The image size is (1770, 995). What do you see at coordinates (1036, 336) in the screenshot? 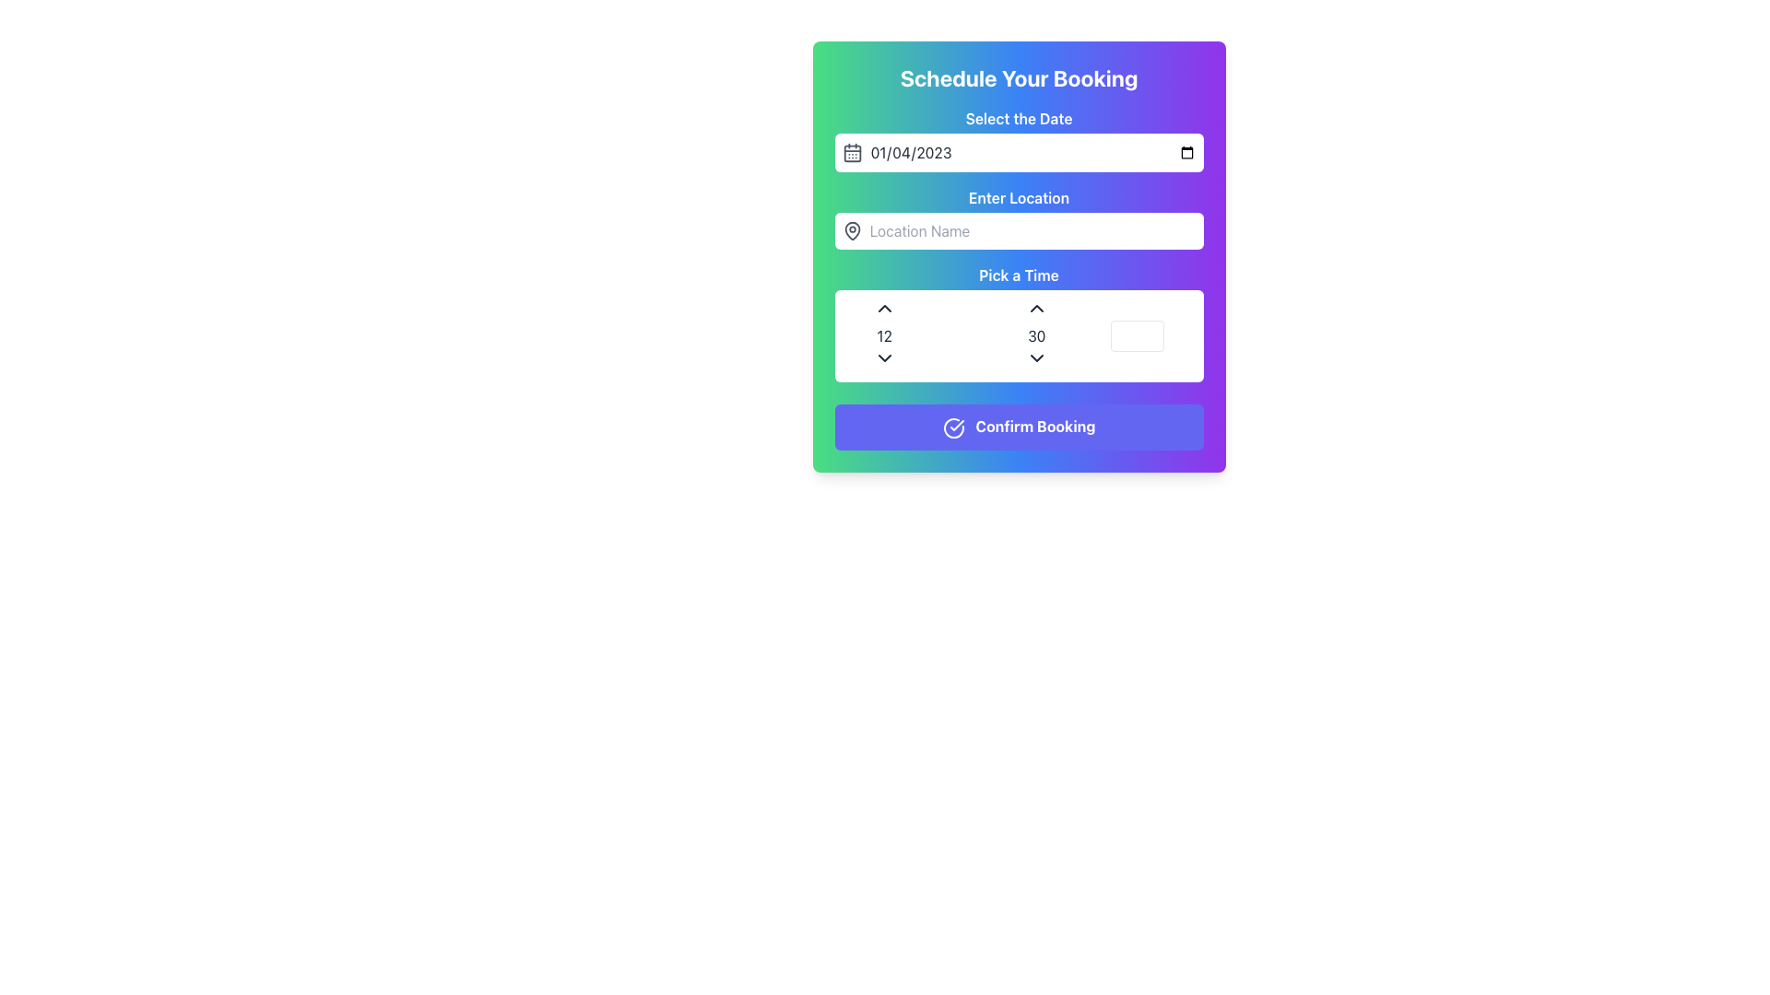
I see `numerical text '30' displayed in dark color within the time selector interface, positioned between two arrow buttons for time increments` at bounding box center [1036, 336].